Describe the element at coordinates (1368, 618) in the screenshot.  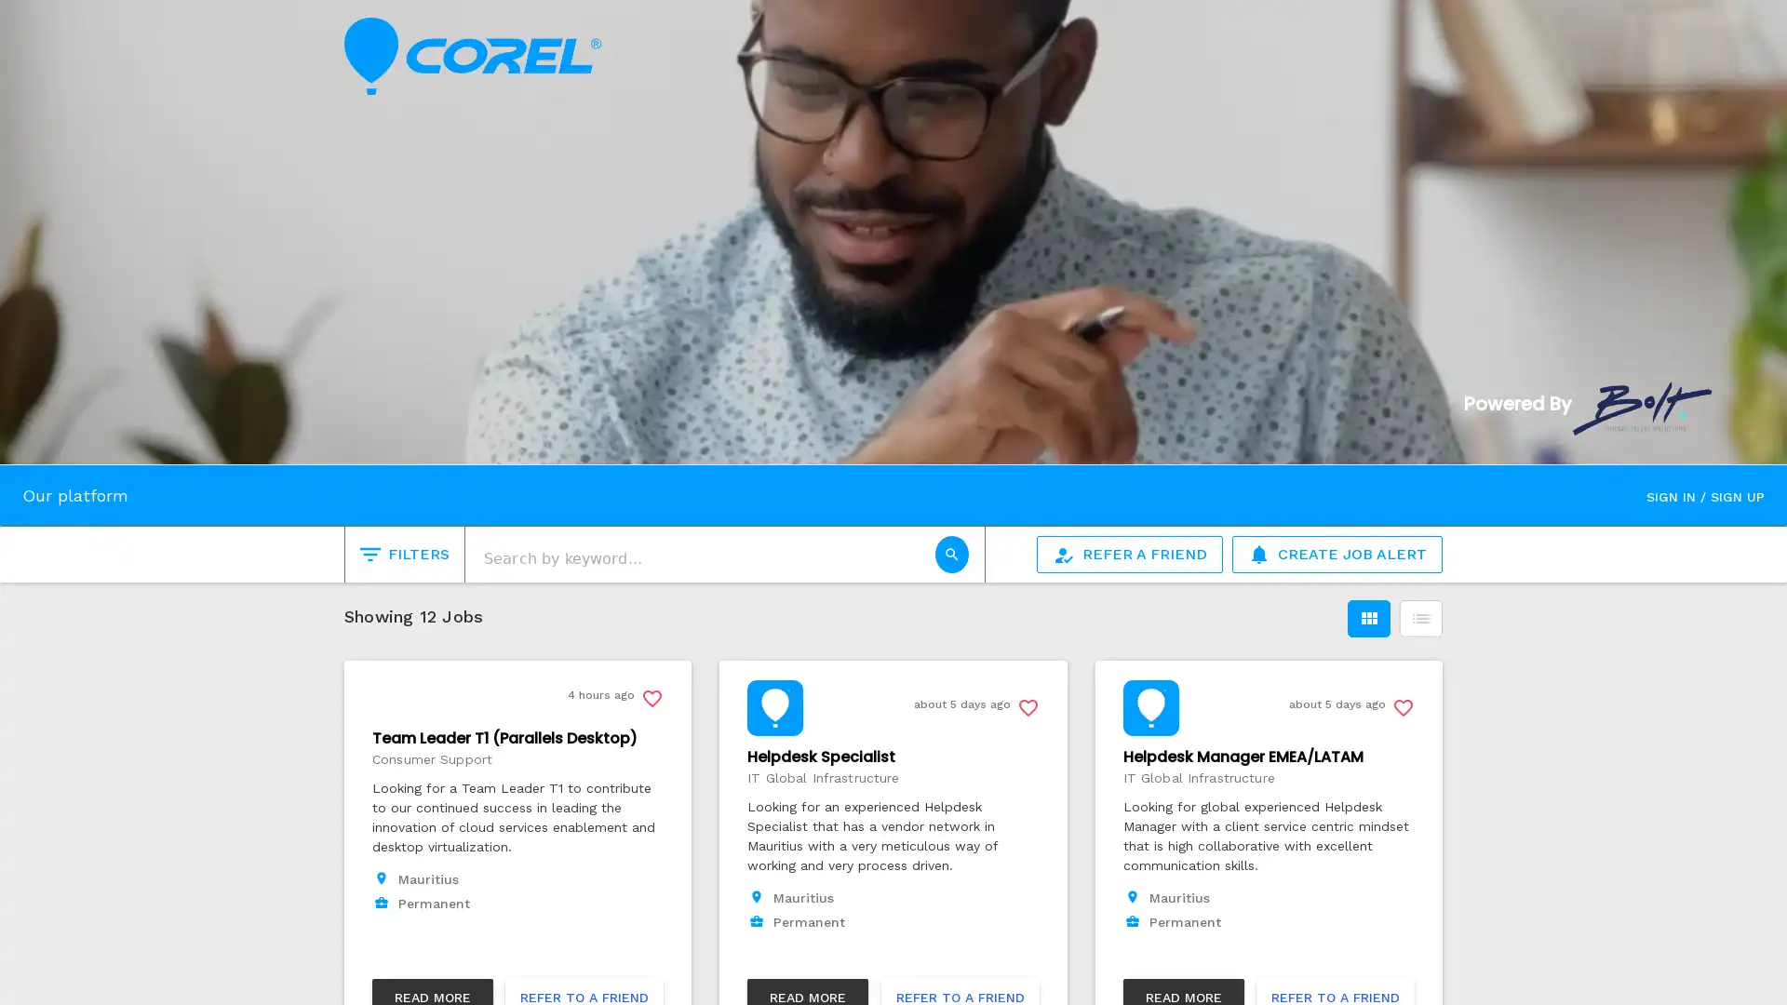
I see `Grid view` at that location.